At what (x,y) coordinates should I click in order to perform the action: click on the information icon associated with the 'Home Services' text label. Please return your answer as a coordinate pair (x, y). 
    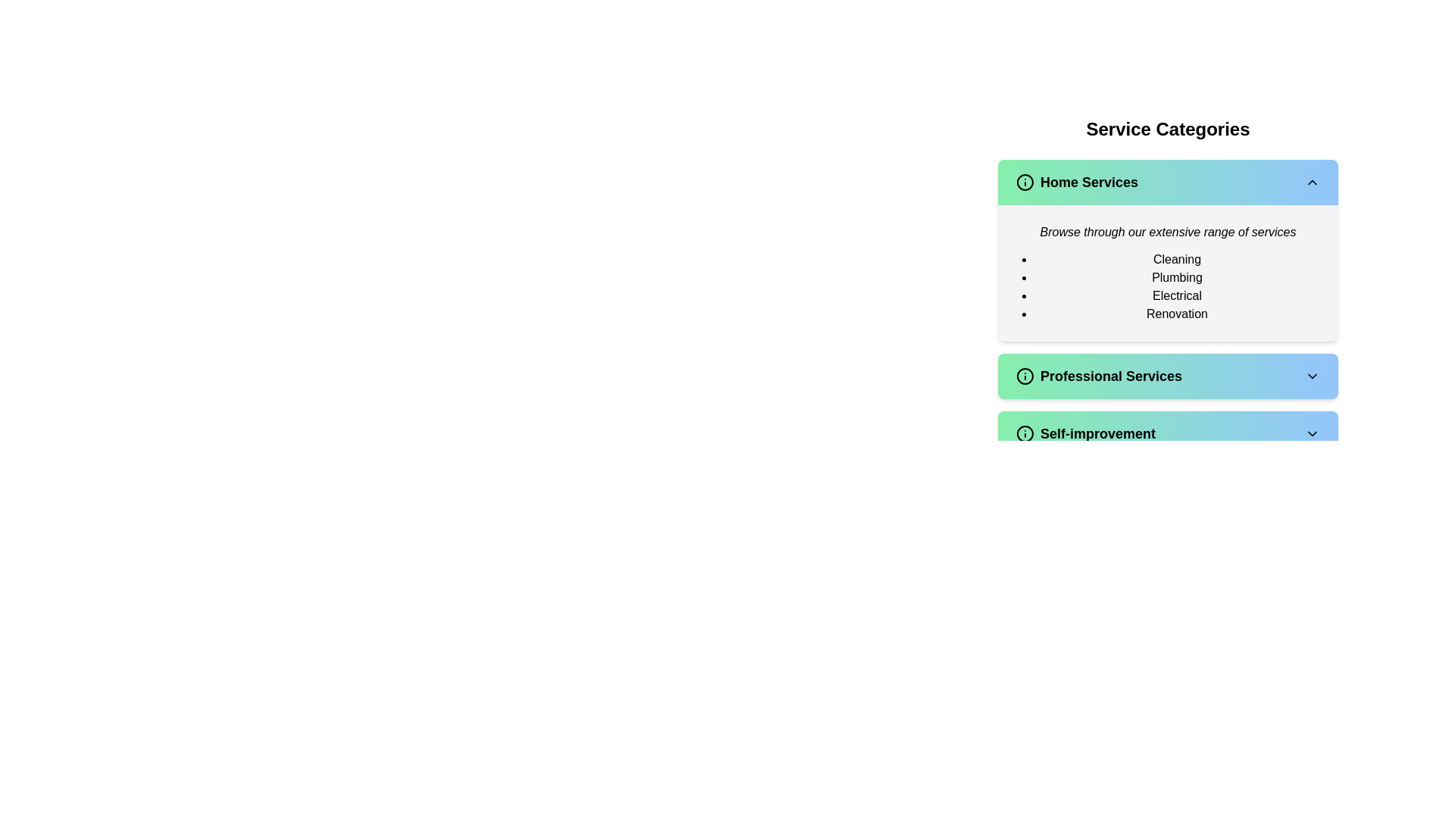
    Looking at the image, I should click on (1076, 181).